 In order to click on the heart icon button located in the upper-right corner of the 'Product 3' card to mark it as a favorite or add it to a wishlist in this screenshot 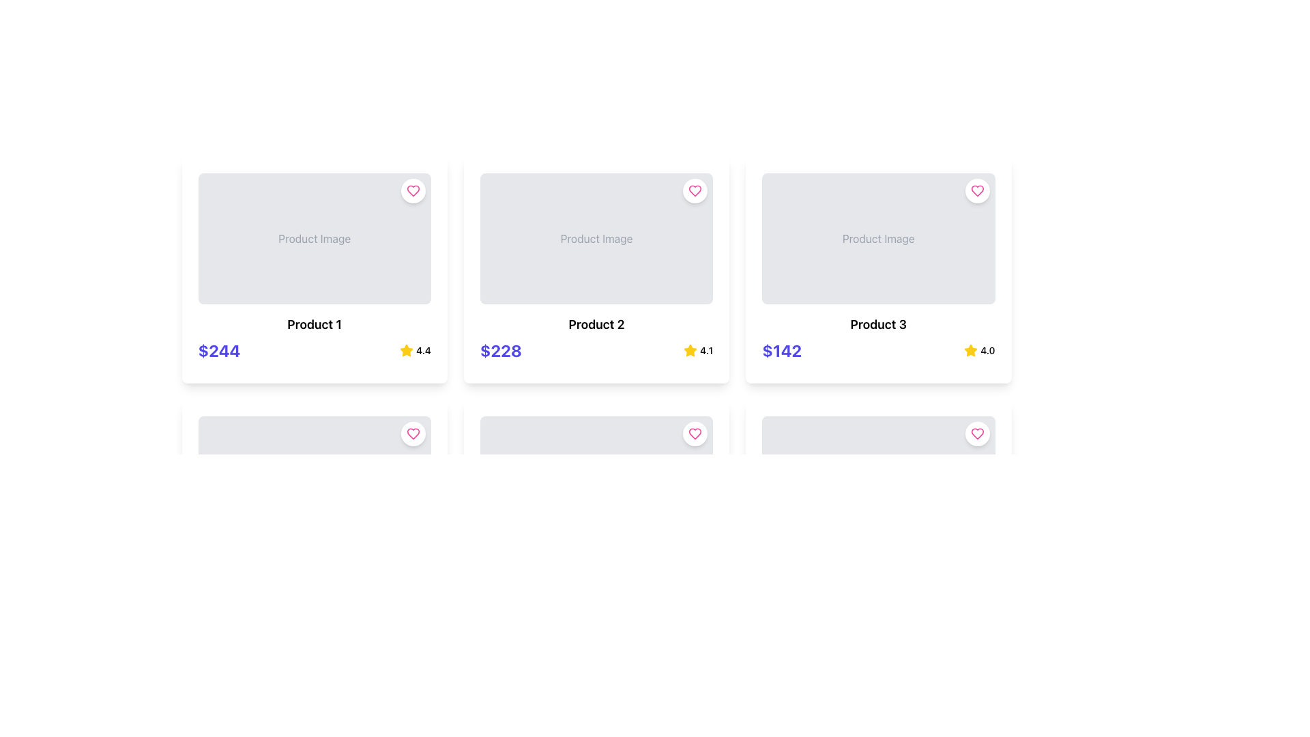, I will do `click(976, 434)`.